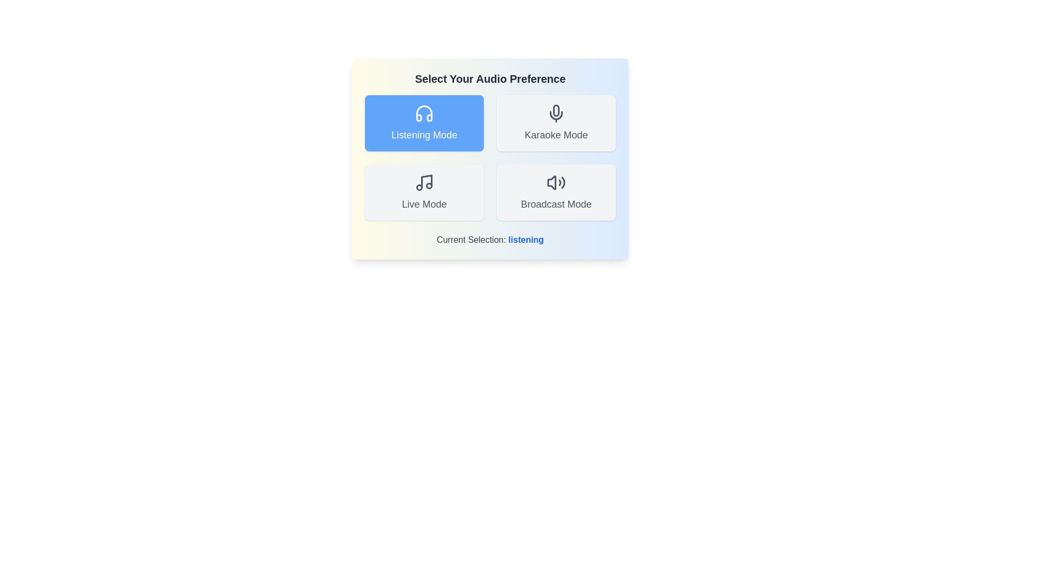  I want to click on the audio mode Listening Mode by clicking the corresponding button, so click(424, 122).